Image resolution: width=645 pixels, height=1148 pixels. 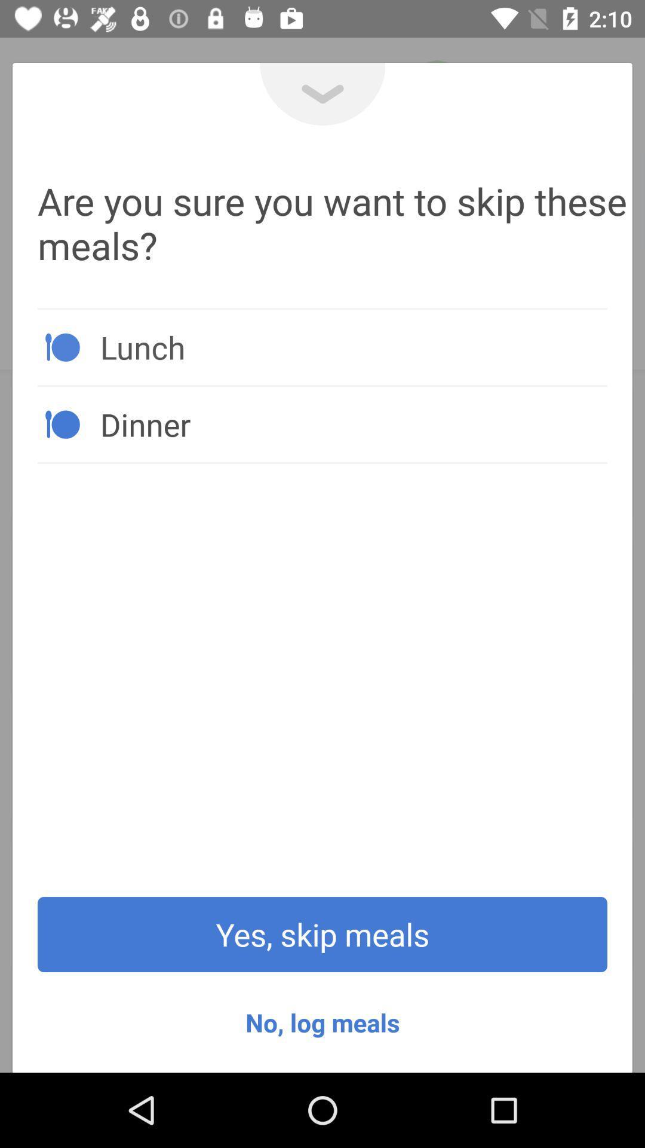 I want to click on the no, log meals icon, so click(x=322, y=1021).